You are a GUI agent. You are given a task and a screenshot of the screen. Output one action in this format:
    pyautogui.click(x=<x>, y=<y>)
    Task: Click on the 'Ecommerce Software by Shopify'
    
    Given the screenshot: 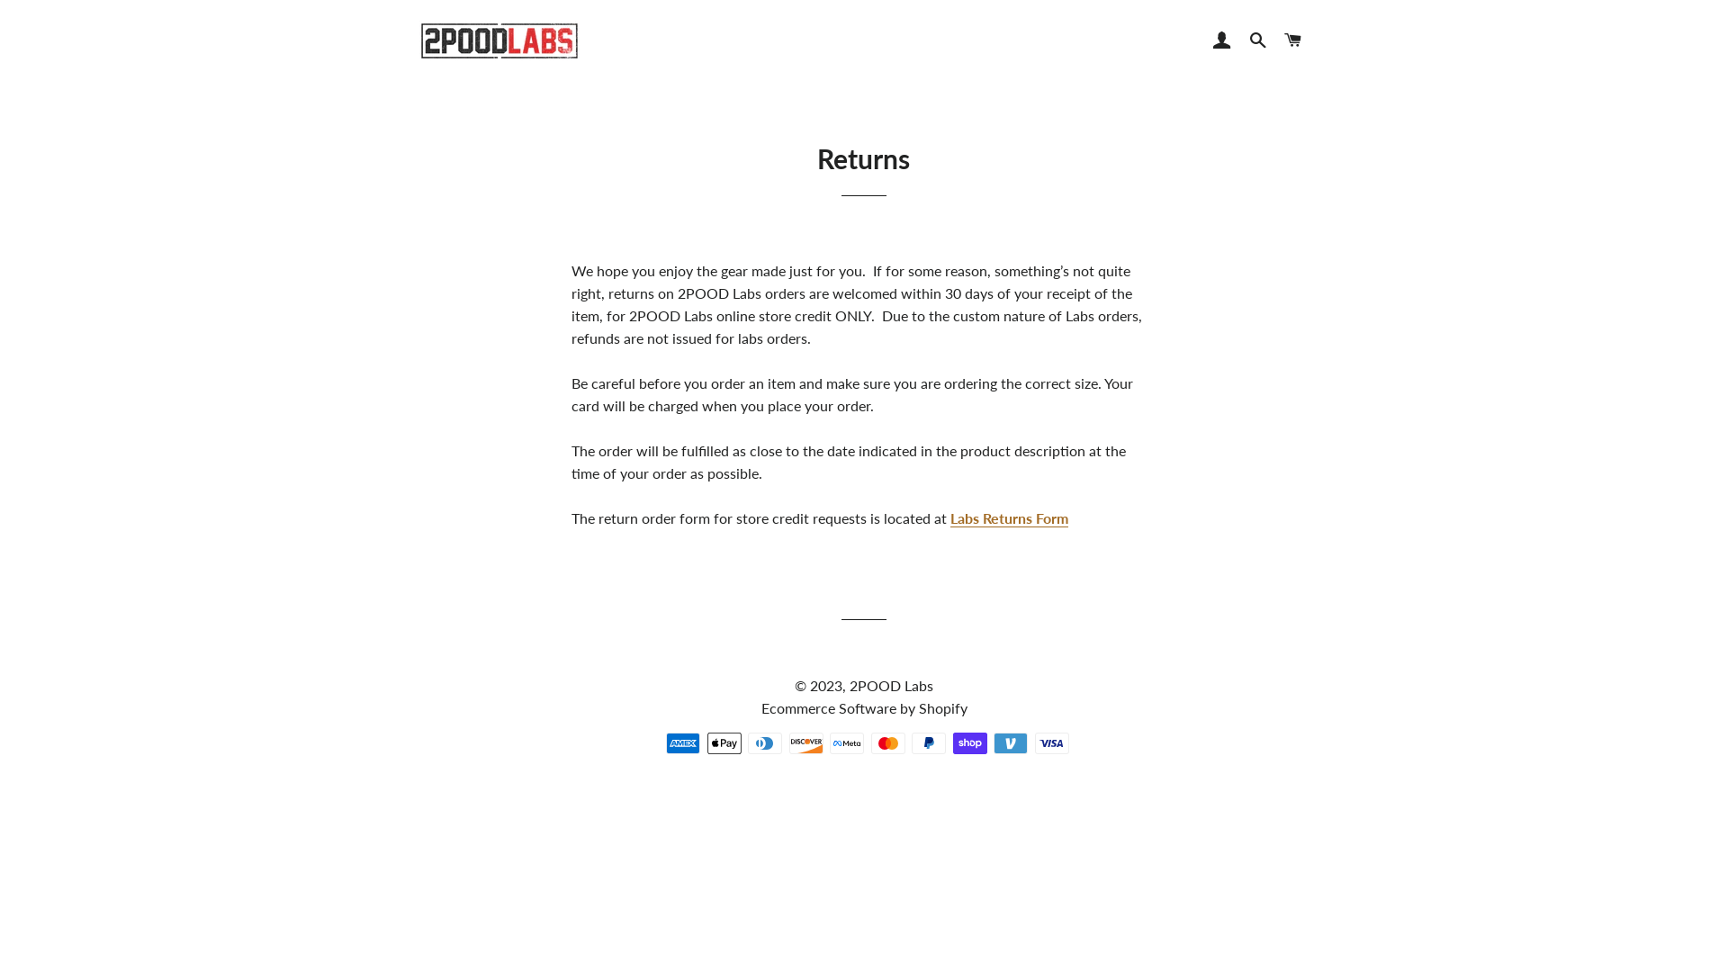 What is the action you would take?
    pyautogui.click(x=864, y=706)
    